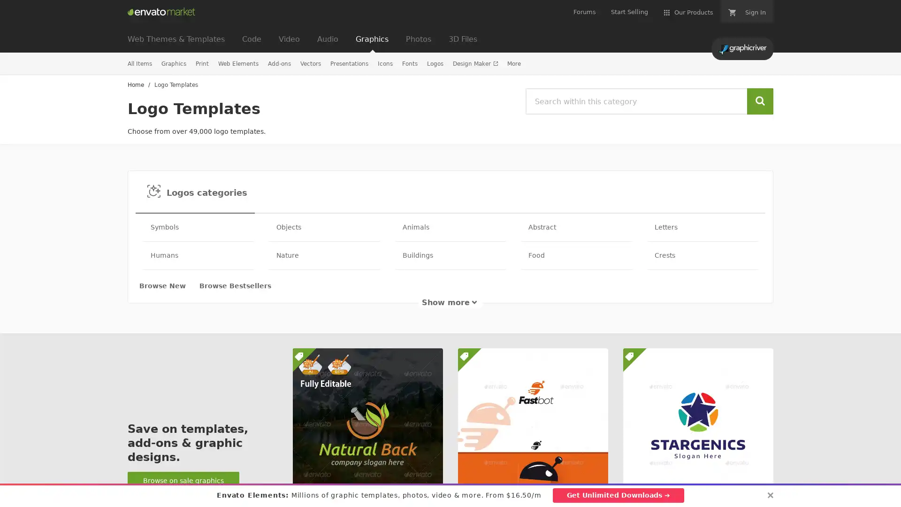  Describe the element at coordinates (760, 101) in the screenshot. I see `Search` at that location.